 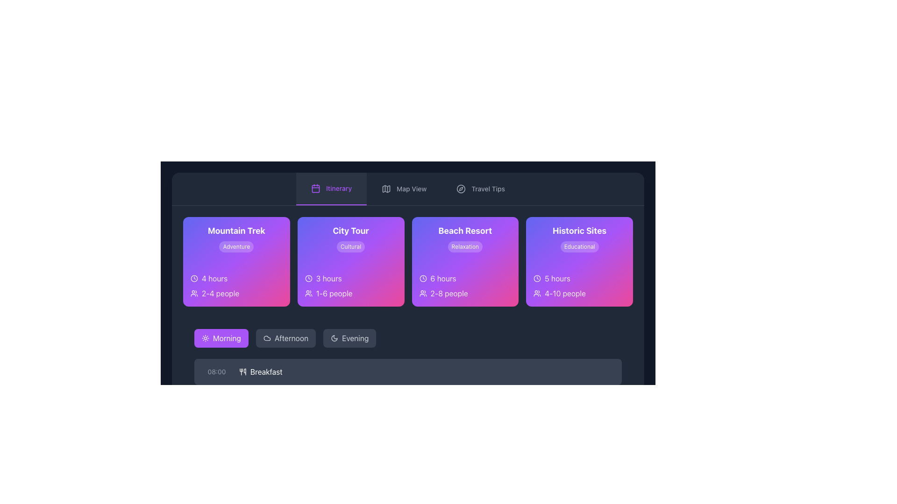 What do you see at coordinates (565, 293) in the screenshot?
I see `the text display element that provides information about the recommended group size for the activity described in the 'Historic Sites' section, located at the bottom-right of the 'Historic Sites' card` at bounding box center [565, 293].